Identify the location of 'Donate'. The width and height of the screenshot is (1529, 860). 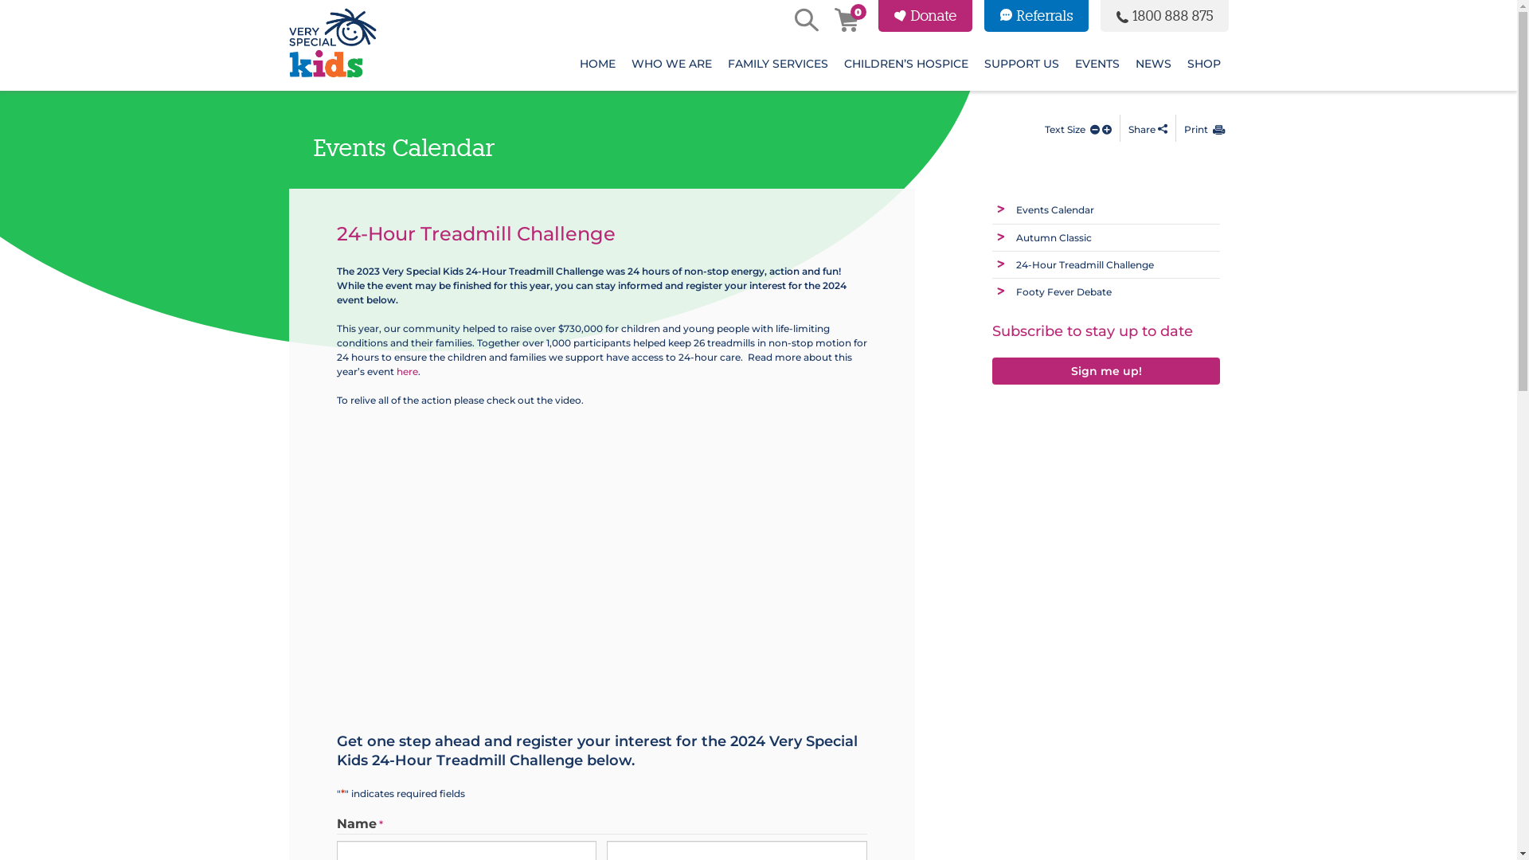
(925, 15).